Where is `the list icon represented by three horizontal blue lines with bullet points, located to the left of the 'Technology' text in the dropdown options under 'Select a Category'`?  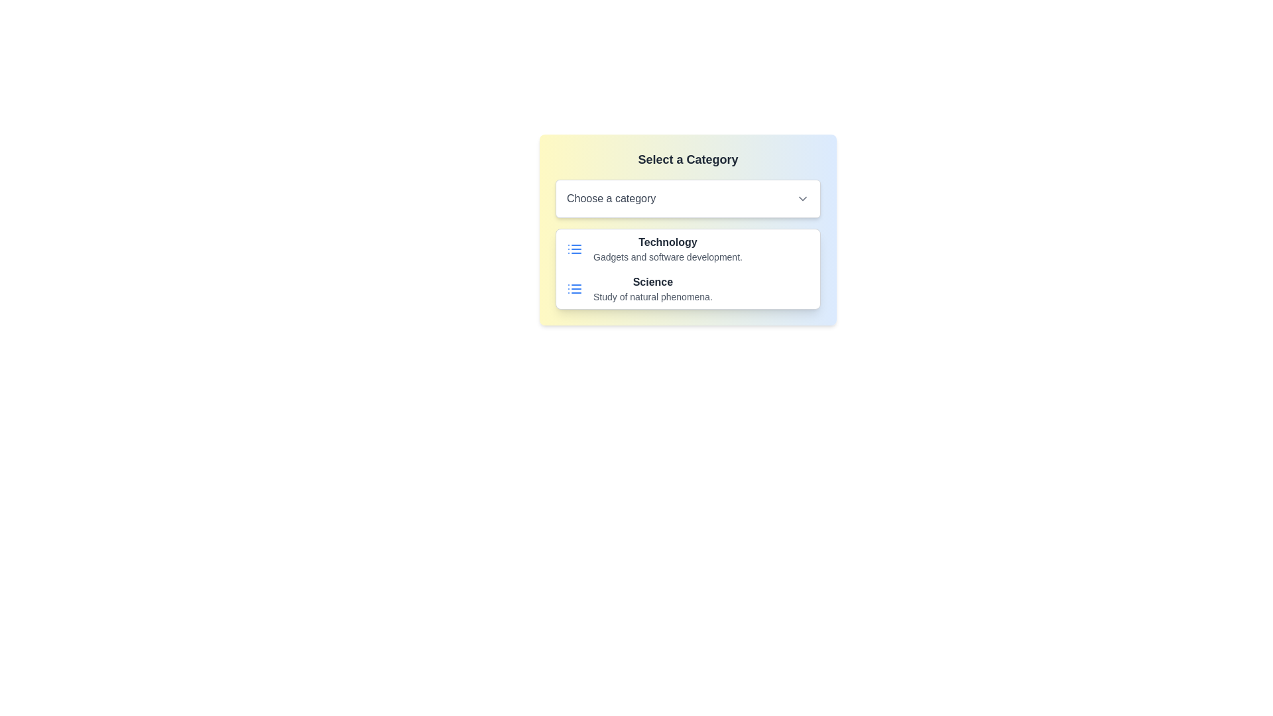 the list icon represented by three horizontal blue lines with bullet points, located to the left of the 'Technology' text in the dropdown options under 'Select a Category' is located at coordinates (575, 249).